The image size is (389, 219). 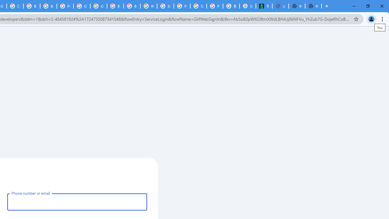 I want to click on 'You', so click(x=371, y=19).